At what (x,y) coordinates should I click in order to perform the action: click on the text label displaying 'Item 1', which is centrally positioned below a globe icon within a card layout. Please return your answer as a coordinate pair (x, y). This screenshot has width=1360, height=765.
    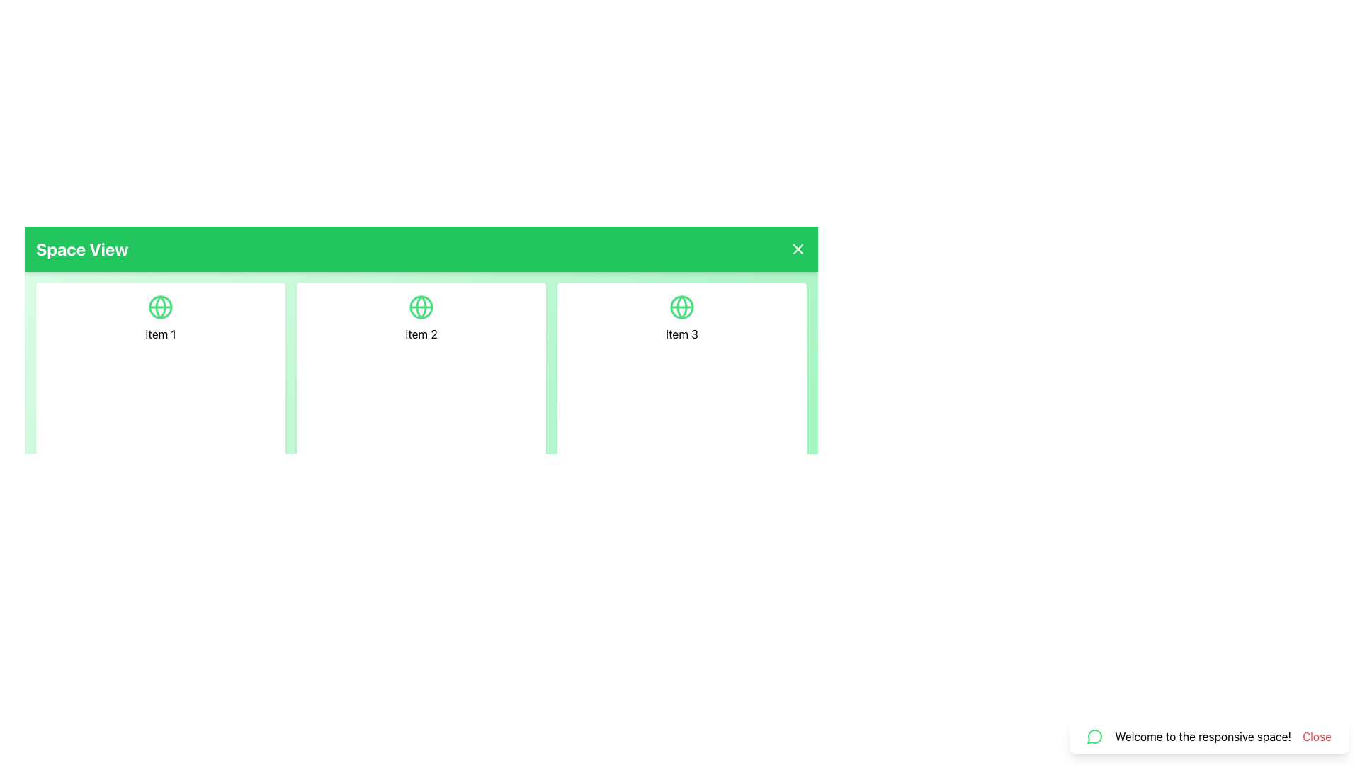
    Looking at the image, I should click on (160, 334).